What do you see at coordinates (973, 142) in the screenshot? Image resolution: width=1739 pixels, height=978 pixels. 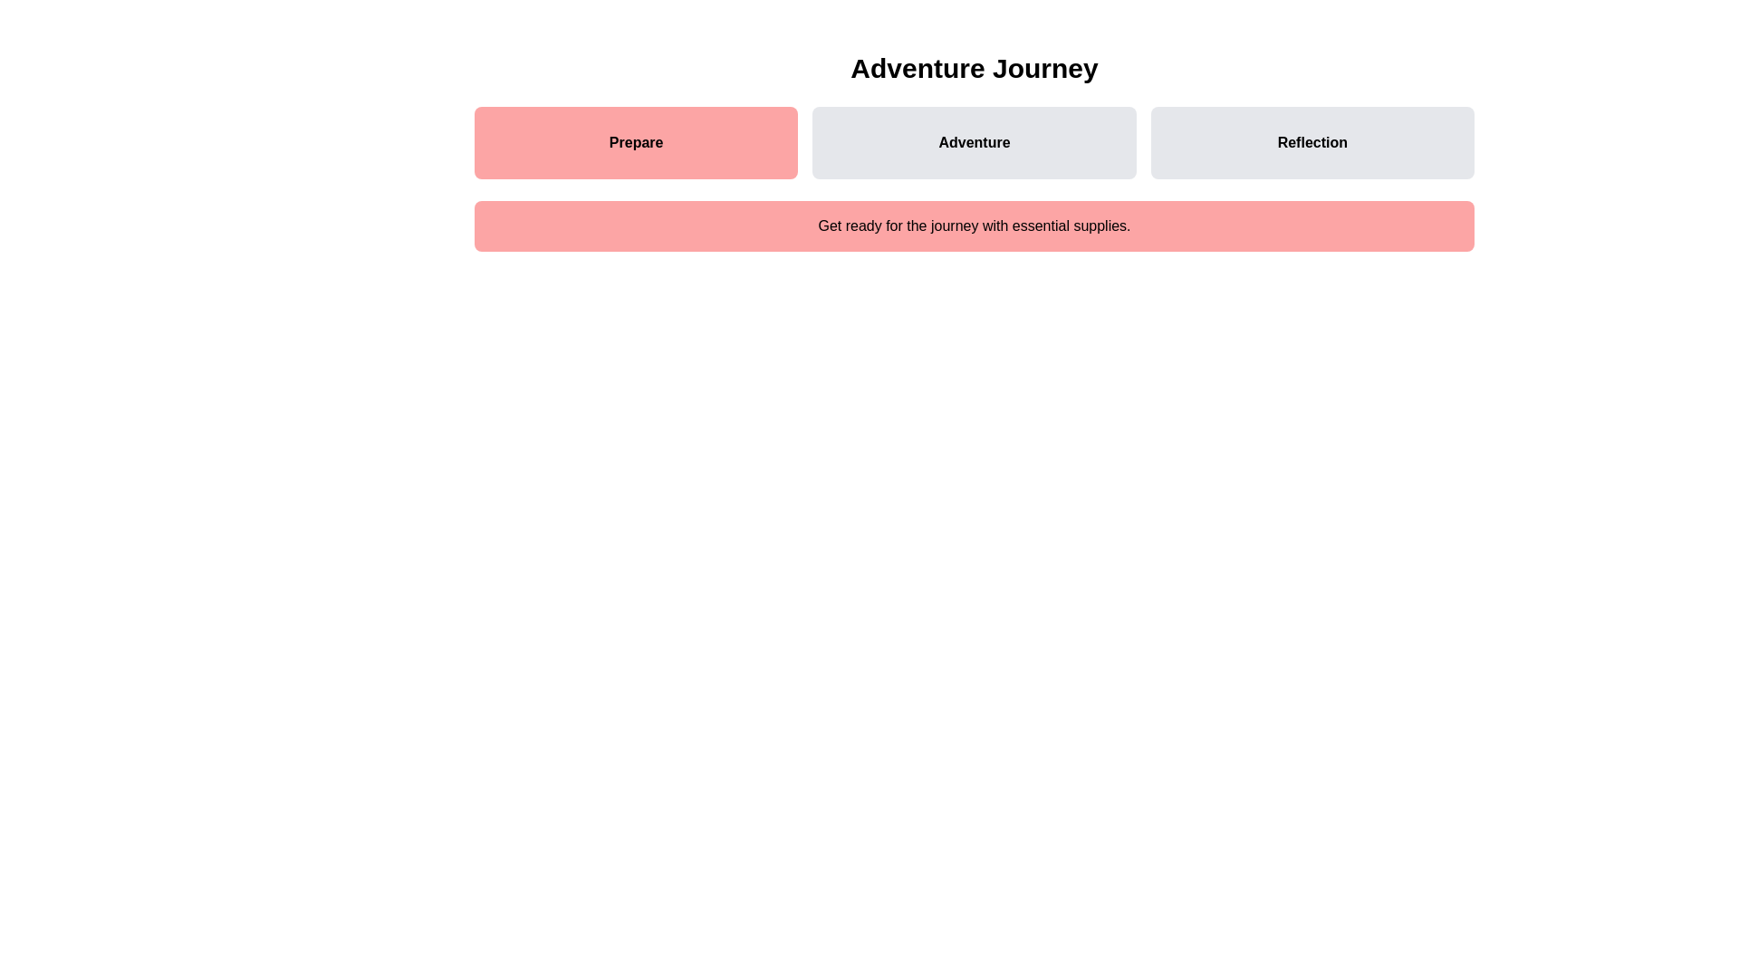 I see `the Adventure step to navigate to its content` at bounding box center [973, 142].